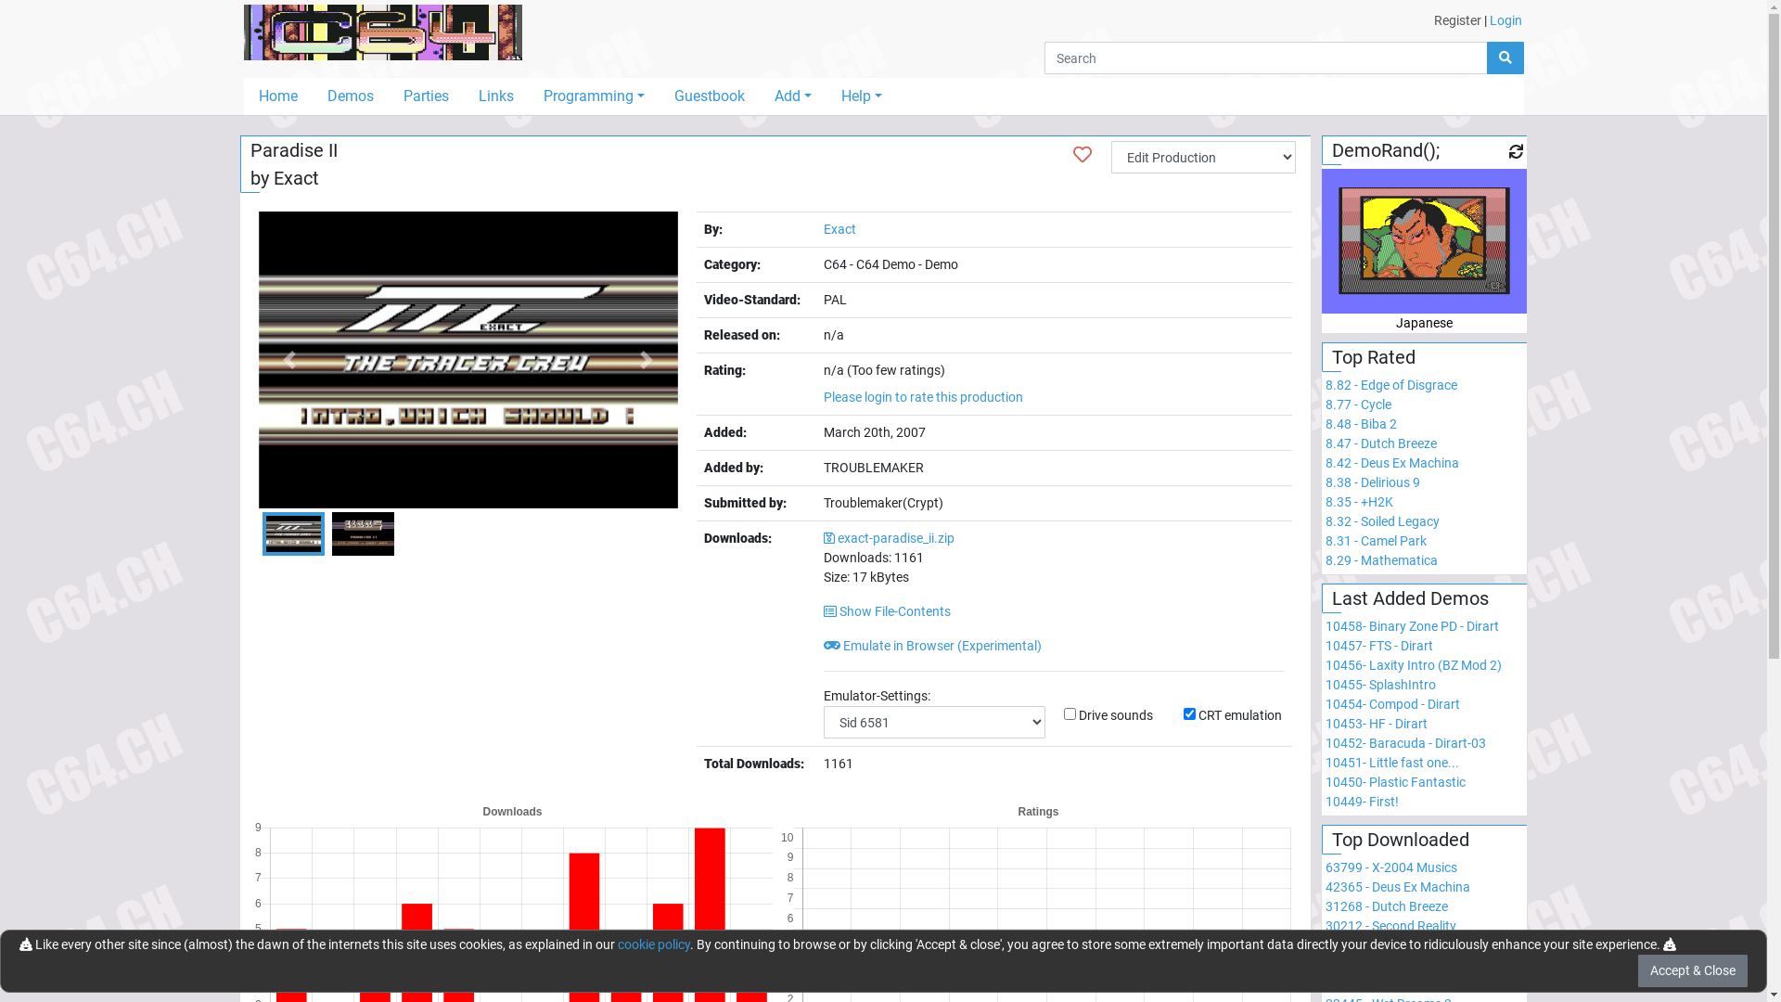 The height and width of the screenshot is (1002, 1781). I want to click on 'exact-paradise_ii.zip', so click(888, 537).